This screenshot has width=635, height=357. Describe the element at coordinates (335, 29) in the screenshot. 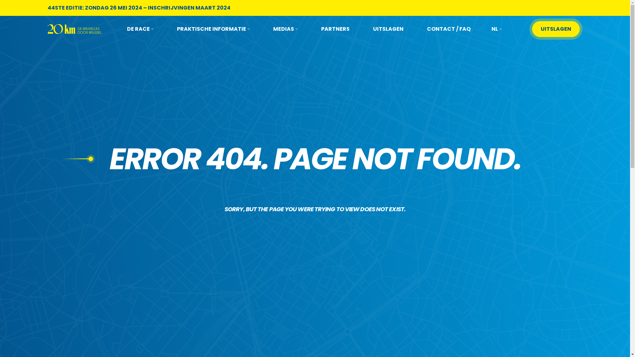

I see `'PARTNERS'` at that location.